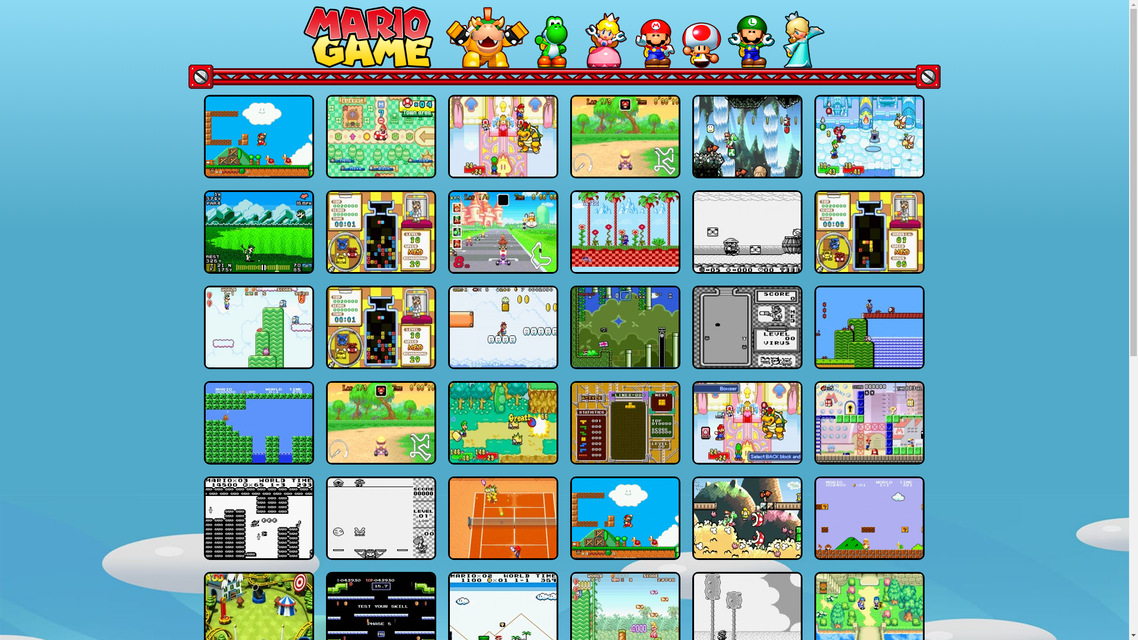 Image resolution: width=1138 pixels, height=640 pixels. What do you see at coordinates (870, 231) in the screenshot?
I see `'Dr. Mario & Panel de Pon'` at bounding box center [870, 231].